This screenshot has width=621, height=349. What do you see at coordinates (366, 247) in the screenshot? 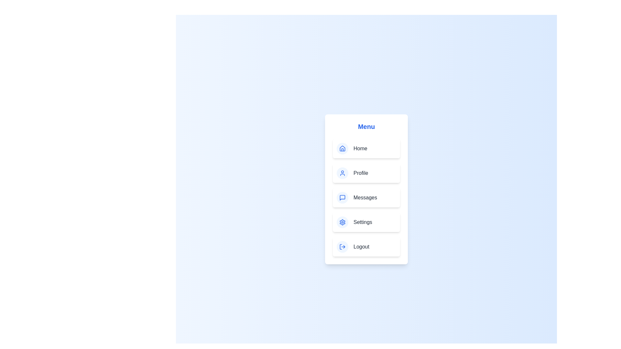
I see `the menu item labeled Logout` at bounding box center [366, 247].